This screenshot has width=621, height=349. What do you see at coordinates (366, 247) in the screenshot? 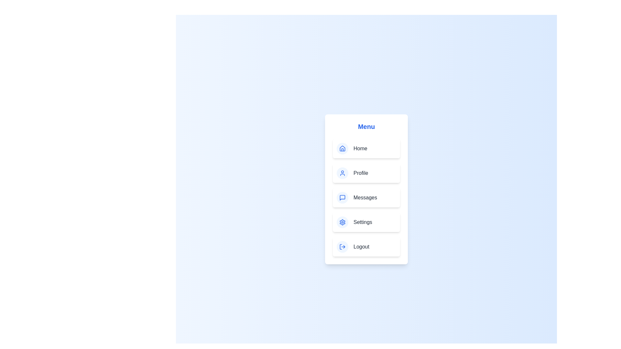
I see `the menu item labeled Logout` at bounding box center [366, 247].